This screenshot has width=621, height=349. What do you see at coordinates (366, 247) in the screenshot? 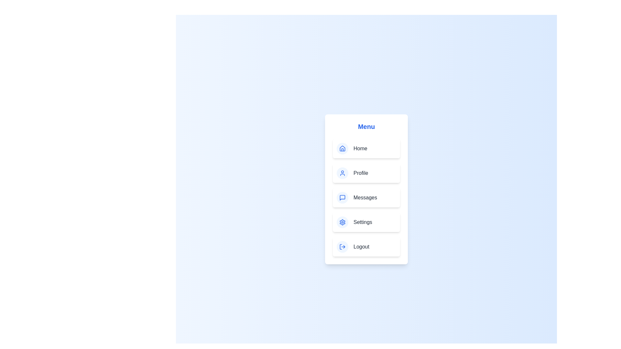
I see `the menu item labeled Logout` at bounding box center [366, 247].